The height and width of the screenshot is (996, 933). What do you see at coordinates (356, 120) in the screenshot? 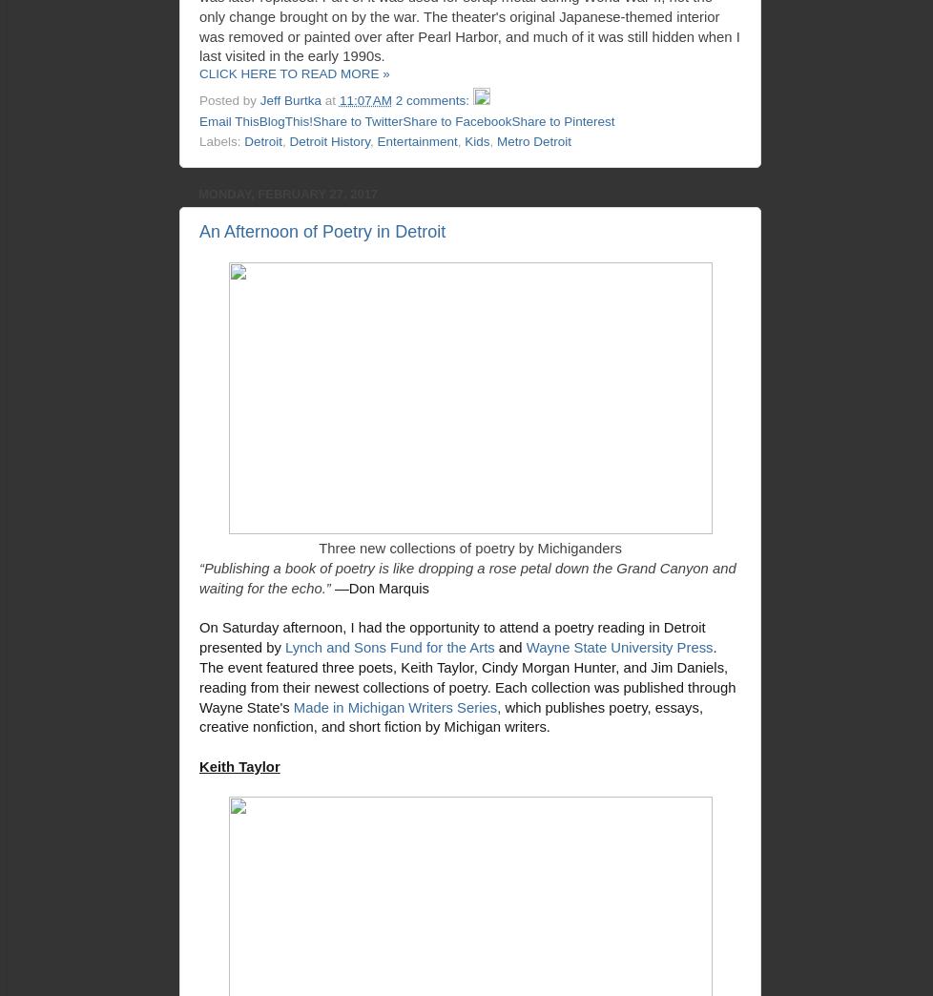
I see `'Share to Twitter'` at bounding box center [356, 120].